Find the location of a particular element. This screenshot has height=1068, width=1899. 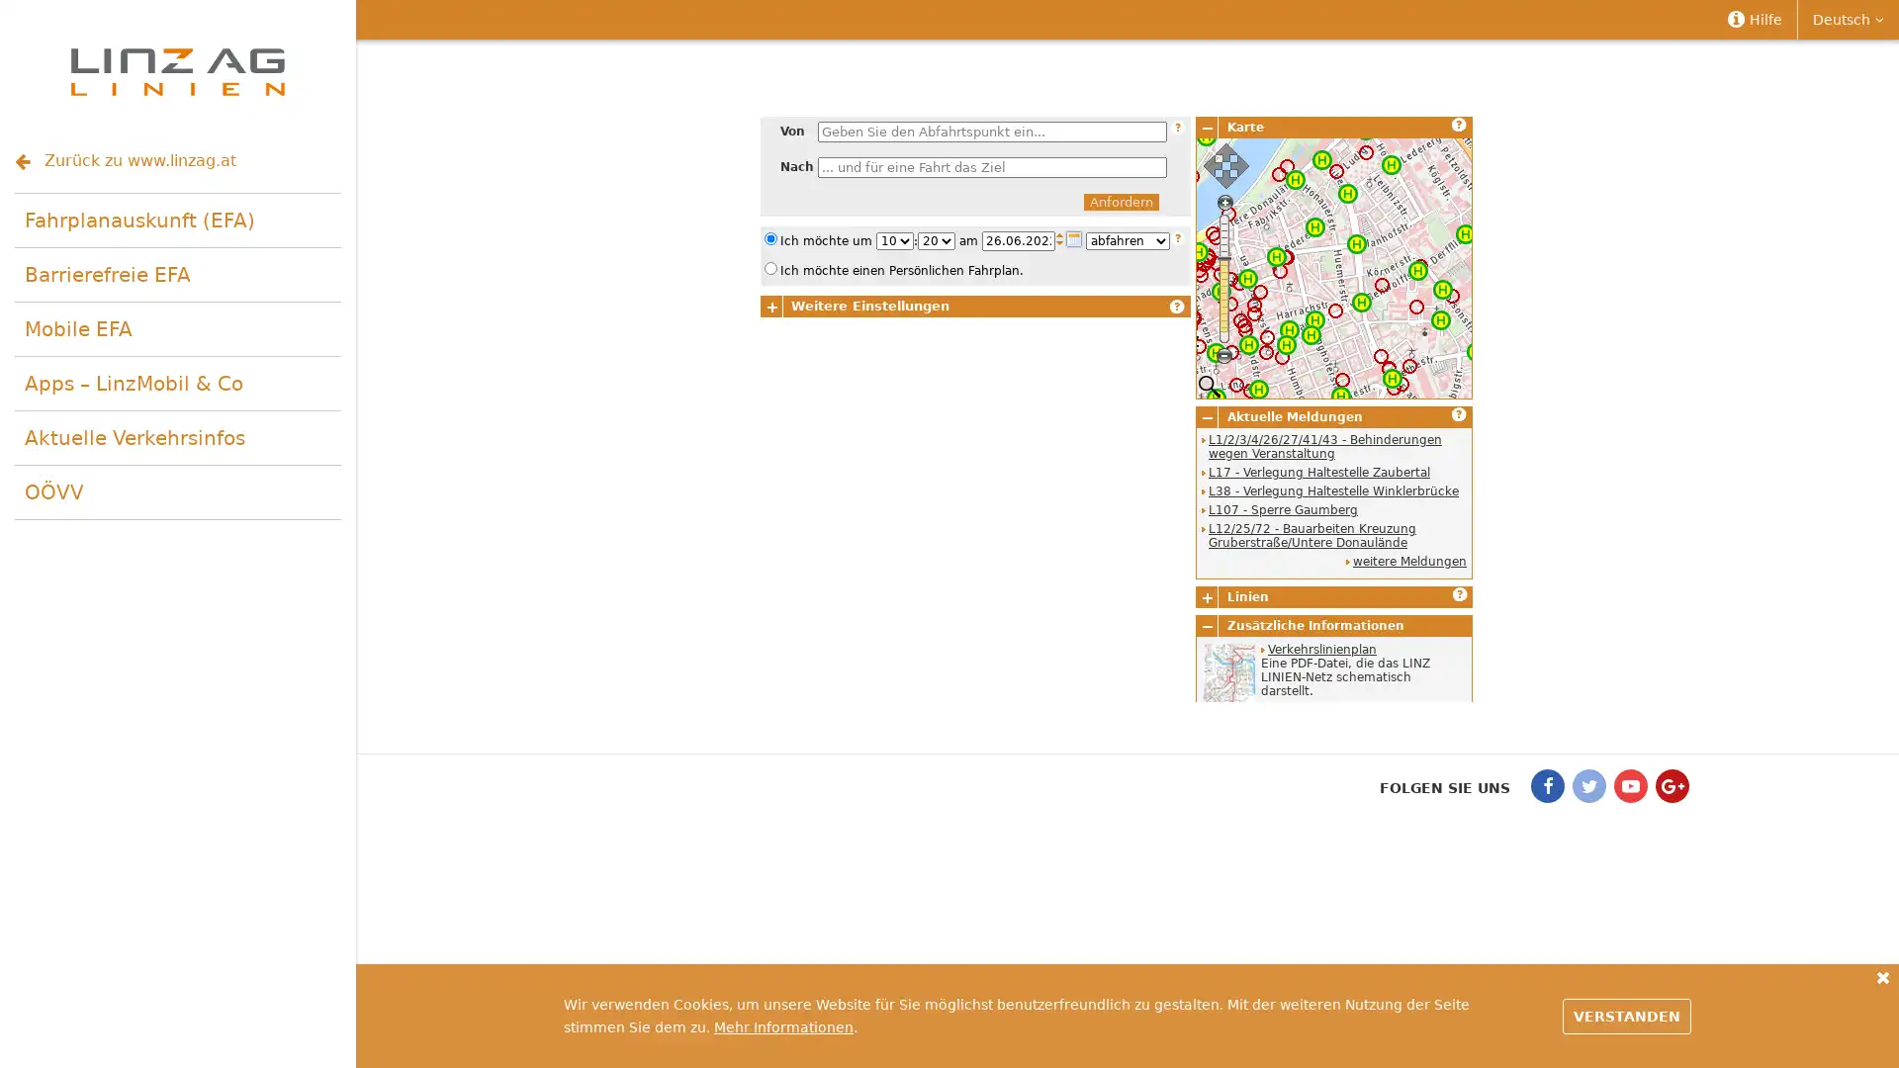

COOKIE RICHTLINIEN SCHLIESSEN is located at coordinates (1882, 976).